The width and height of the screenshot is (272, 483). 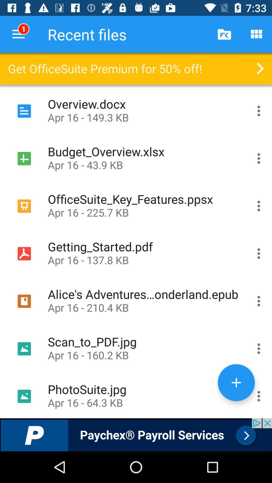 What do you see at coordinates (259, 111) in the screenshot?
I see `open hamburger-menu` at bounding box center [259, 111].